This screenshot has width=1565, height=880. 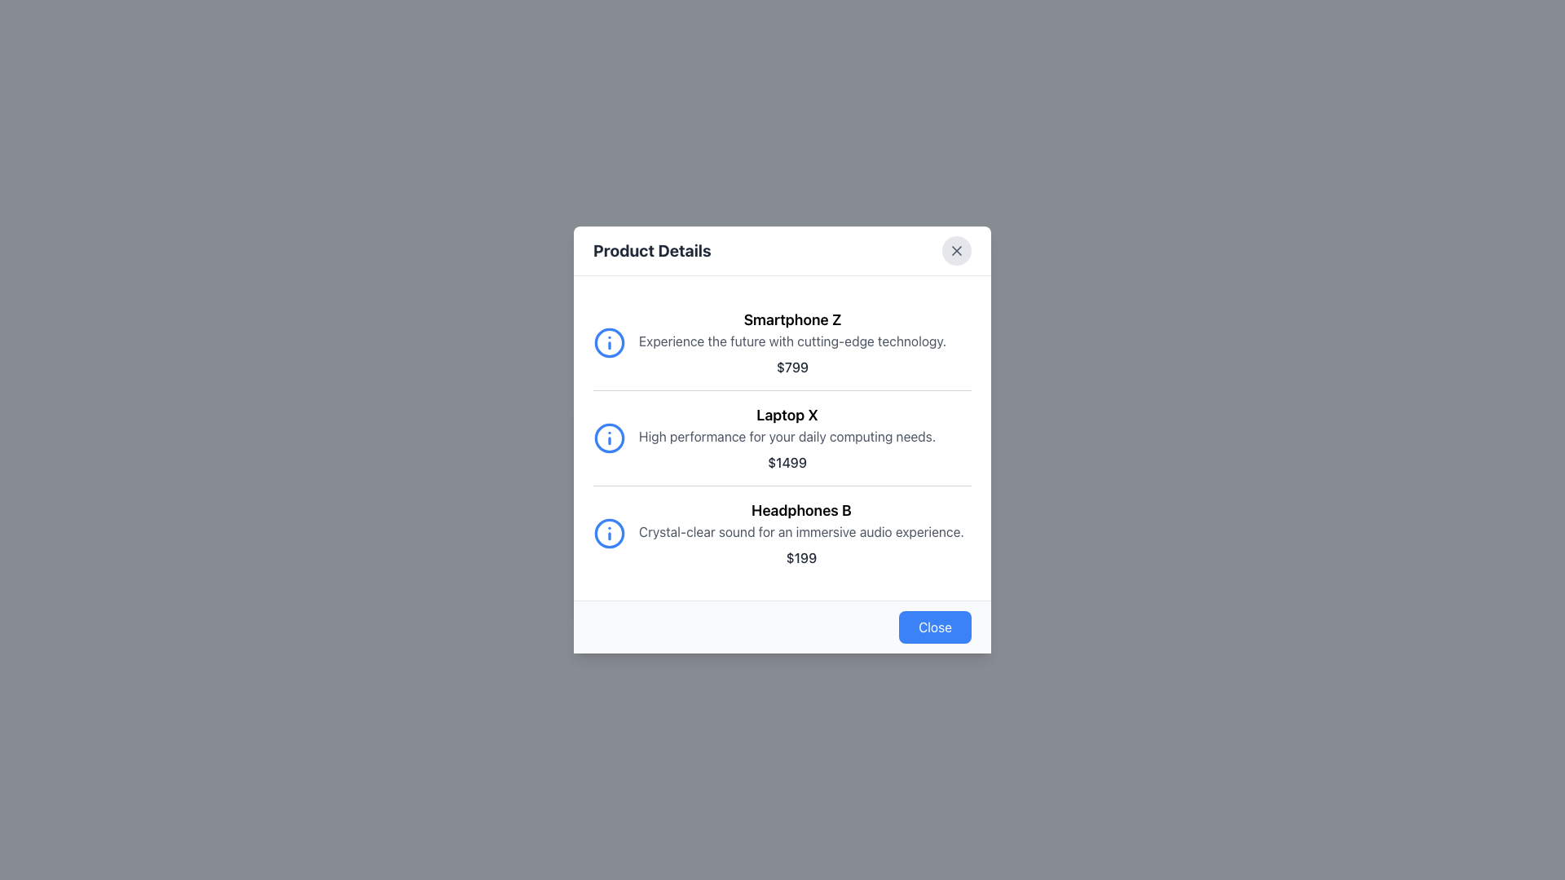 I want to click on the Close Button Icon, so click(x=957, y=251).